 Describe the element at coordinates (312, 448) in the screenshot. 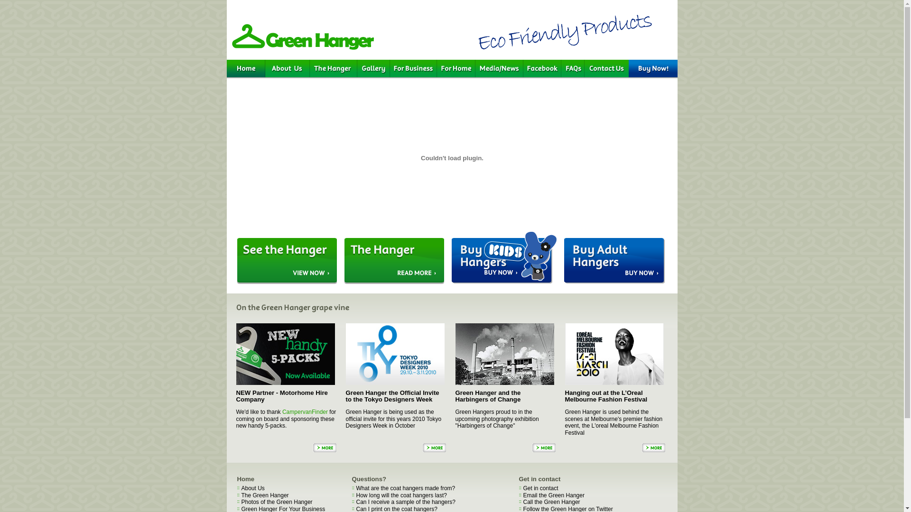

I see `'More'` at that location.